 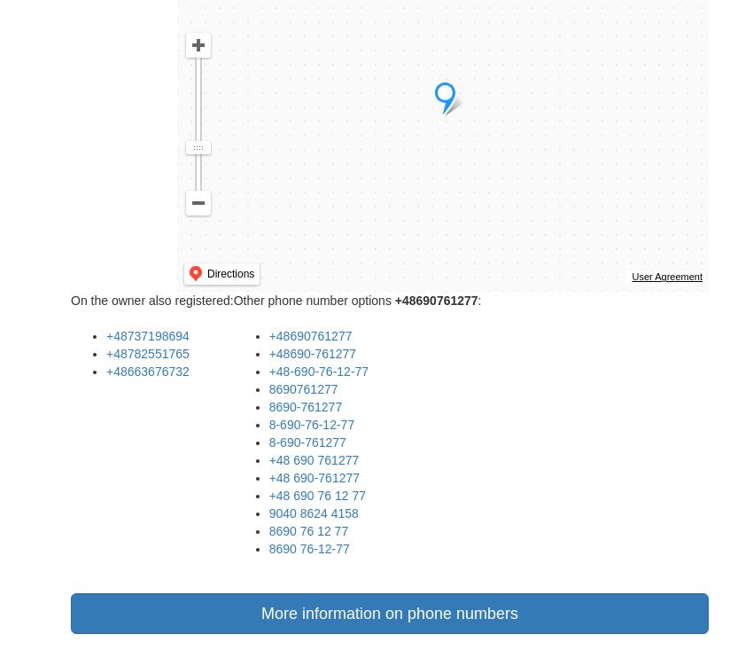 What do you see at coordinates (151, 300) in the screenshot?
I see `'On the owner also registered:'` at bounding box center [151, 300].